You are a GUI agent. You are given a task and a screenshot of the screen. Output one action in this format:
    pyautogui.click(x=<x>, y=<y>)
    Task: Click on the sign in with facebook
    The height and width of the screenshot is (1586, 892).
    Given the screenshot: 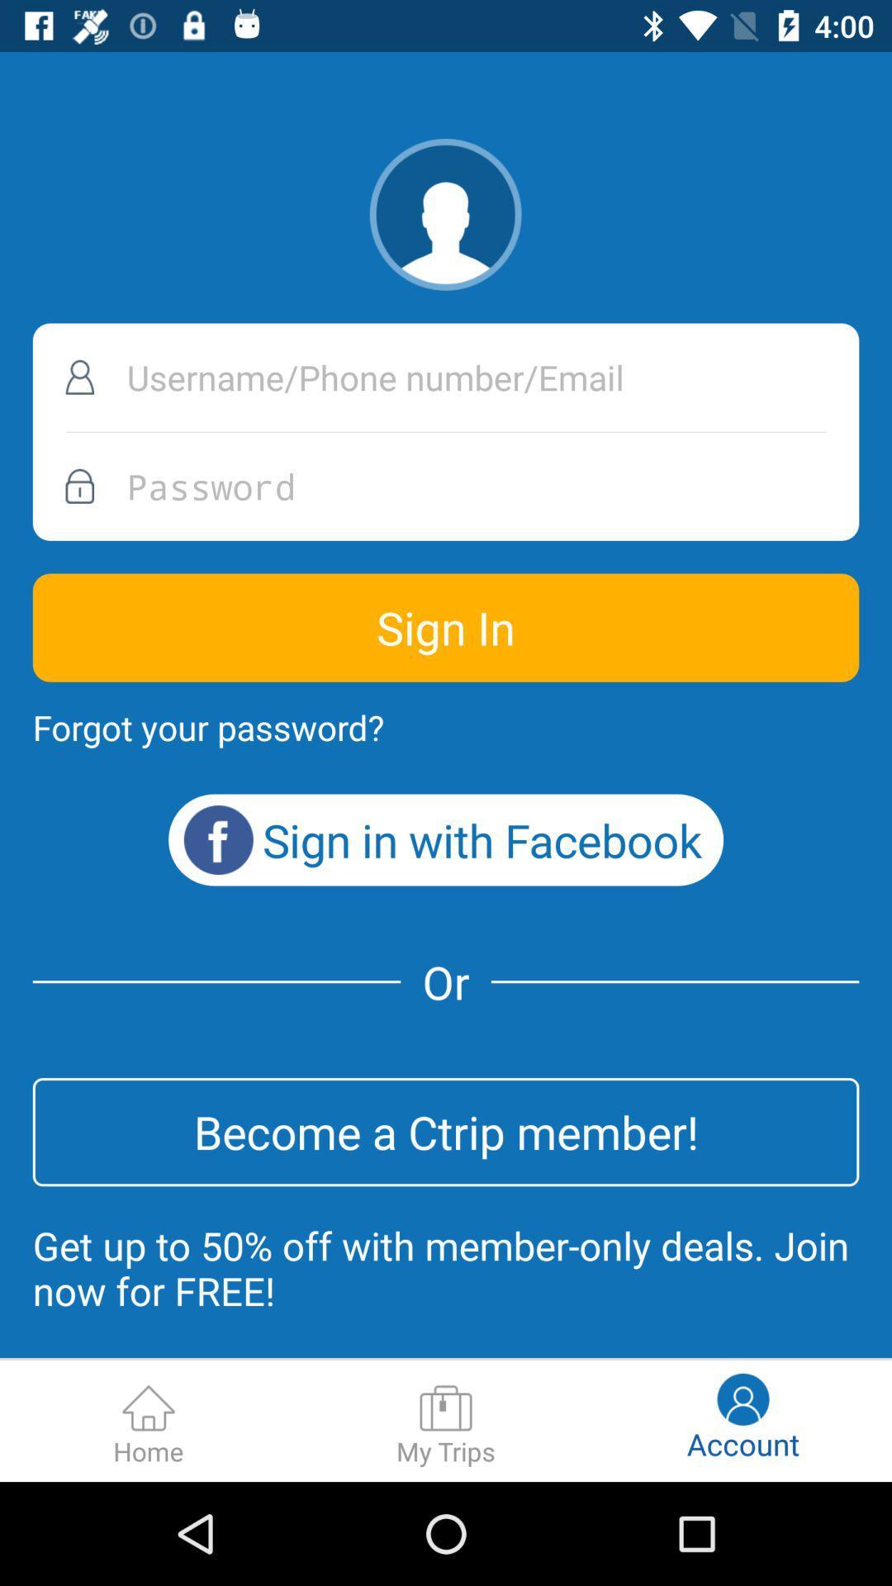 What is the action you would take?
    pyautogui.click(x=446, y=840)
    